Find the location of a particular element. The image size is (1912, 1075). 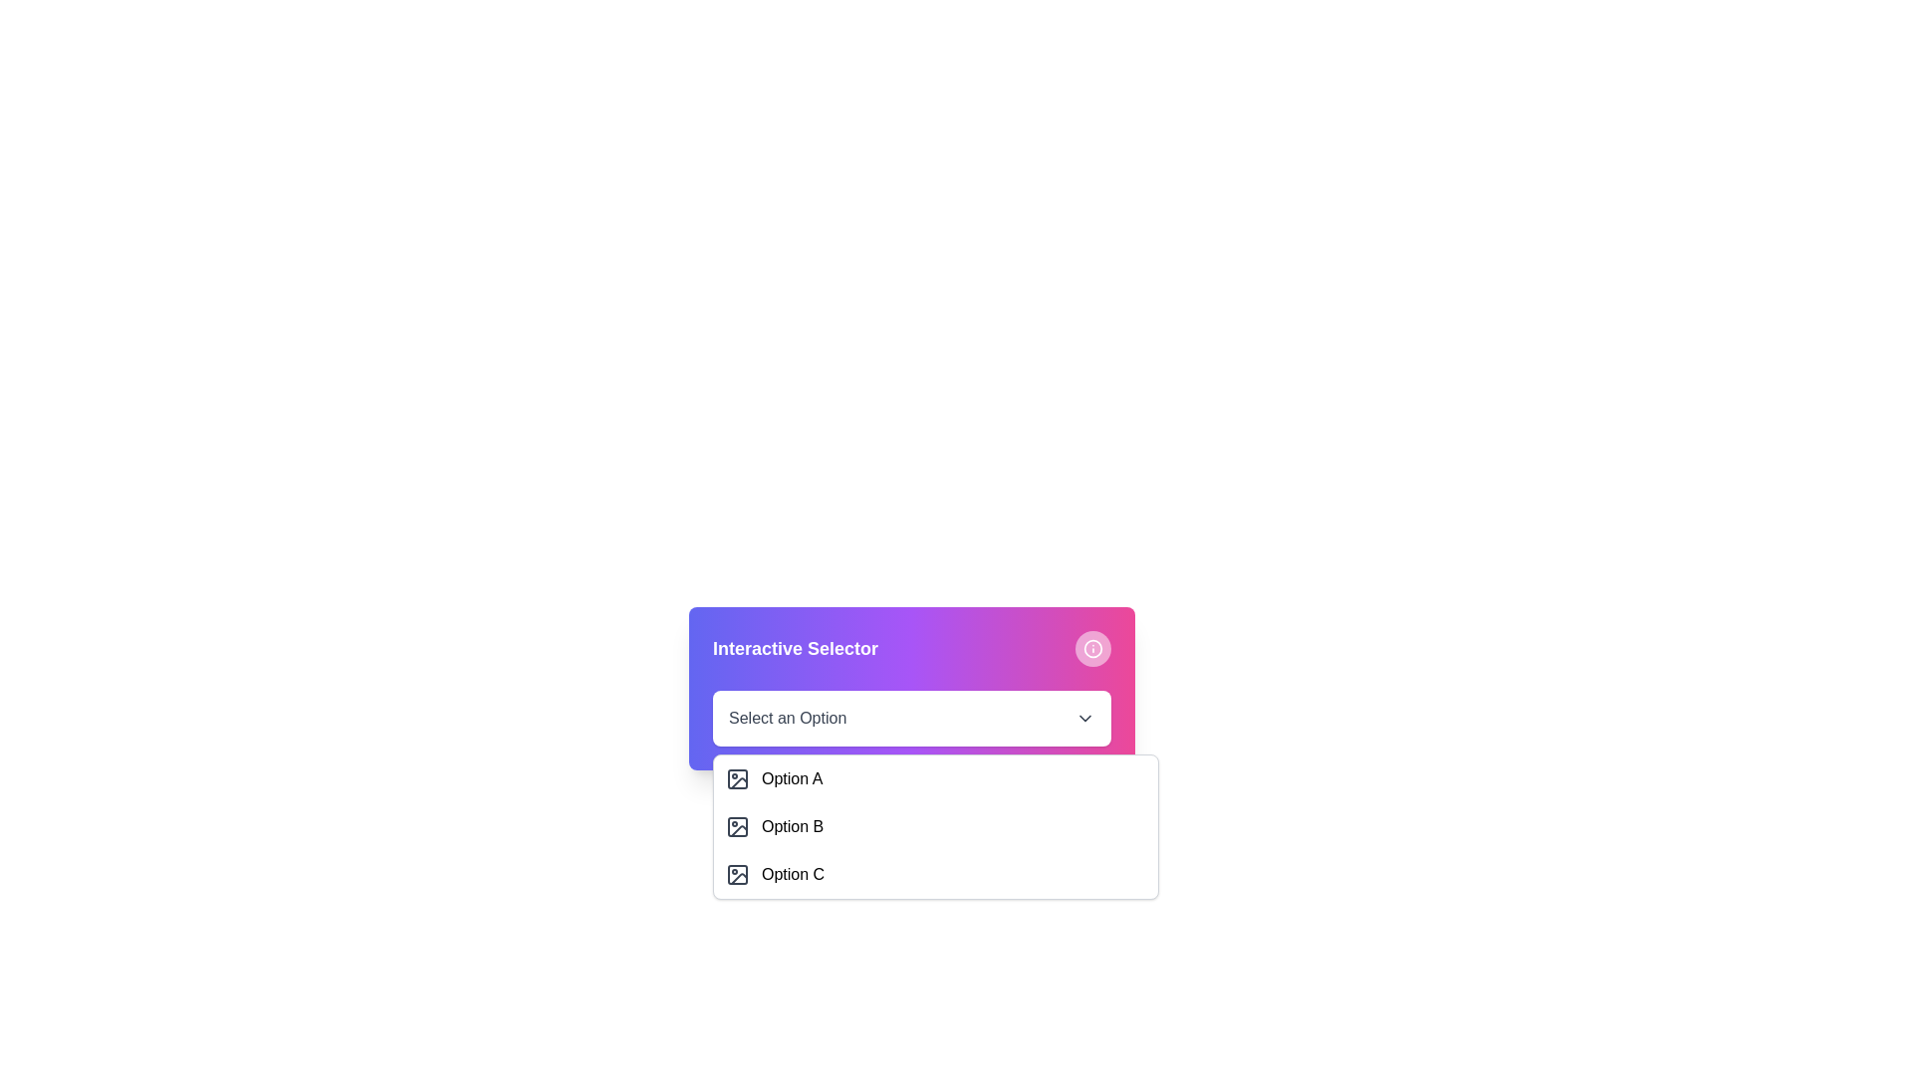

'Option B' in the dropdown menu is located at coordinates (935, 826).